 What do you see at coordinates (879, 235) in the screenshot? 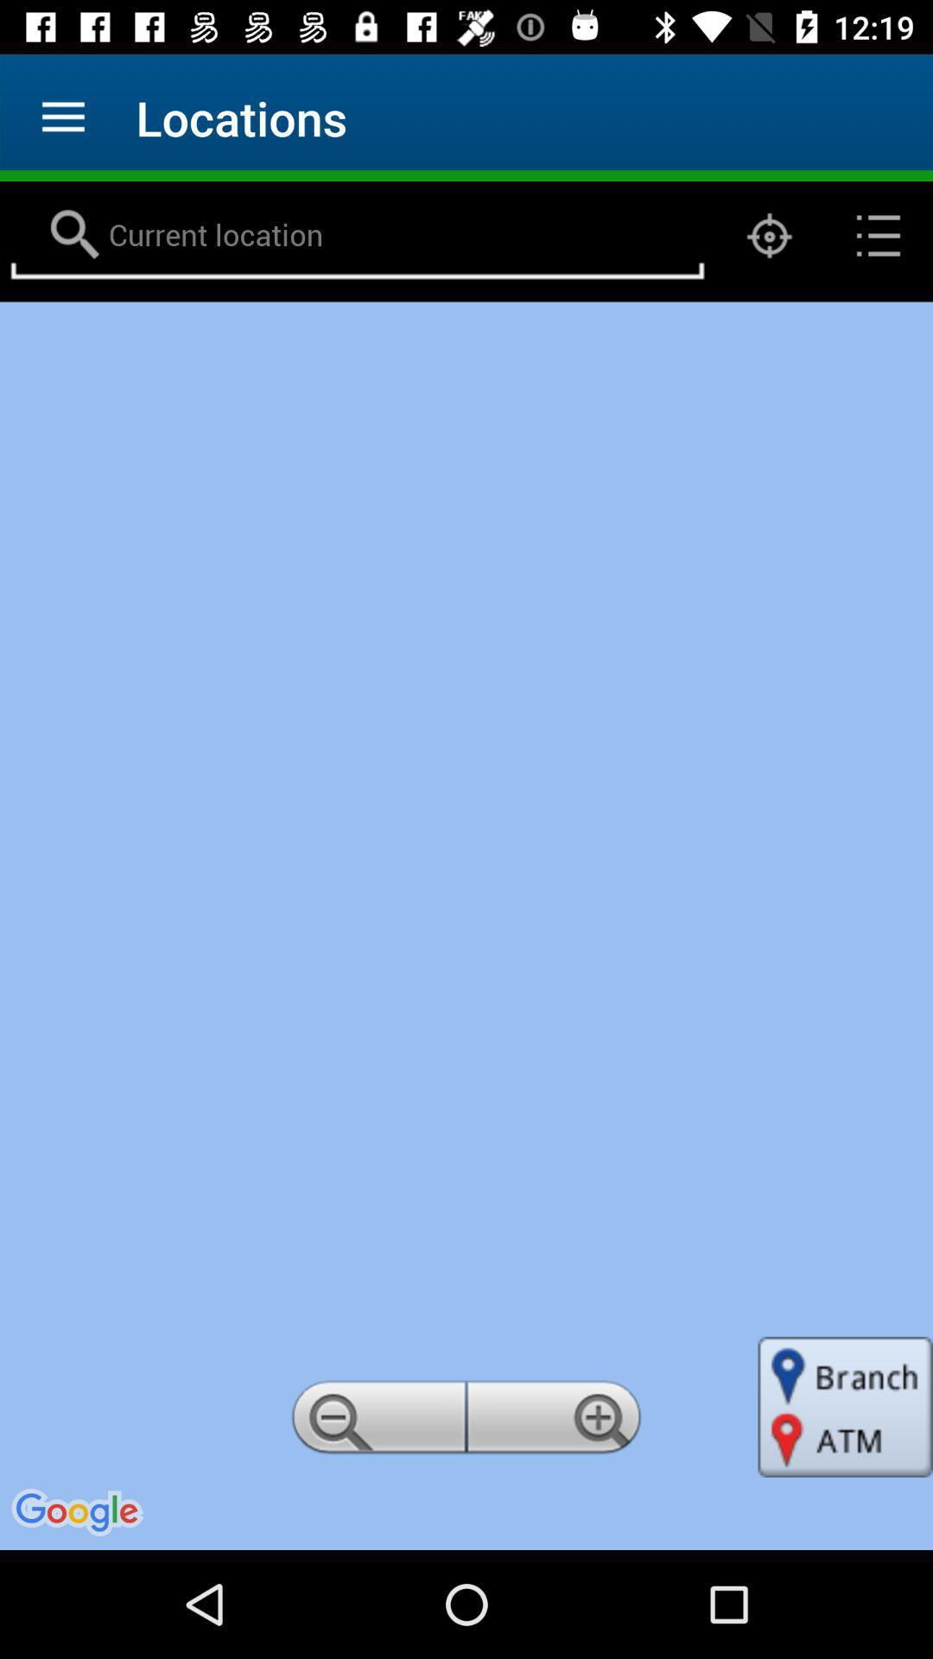
I see `the list icon` at bounding box center [879, 235].